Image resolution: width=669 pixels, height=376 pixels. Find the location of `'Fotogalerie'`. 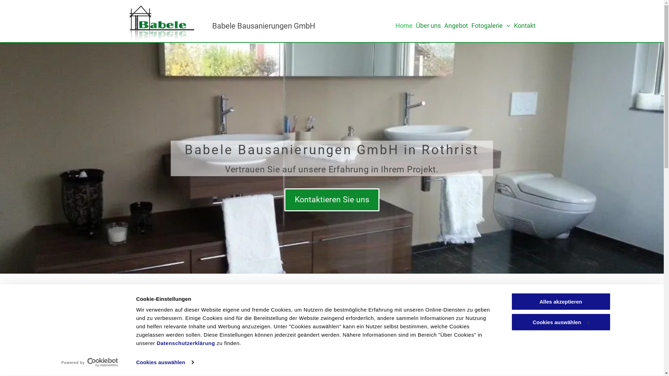

'Fotogalerie' is located at coordinates (491, 25).